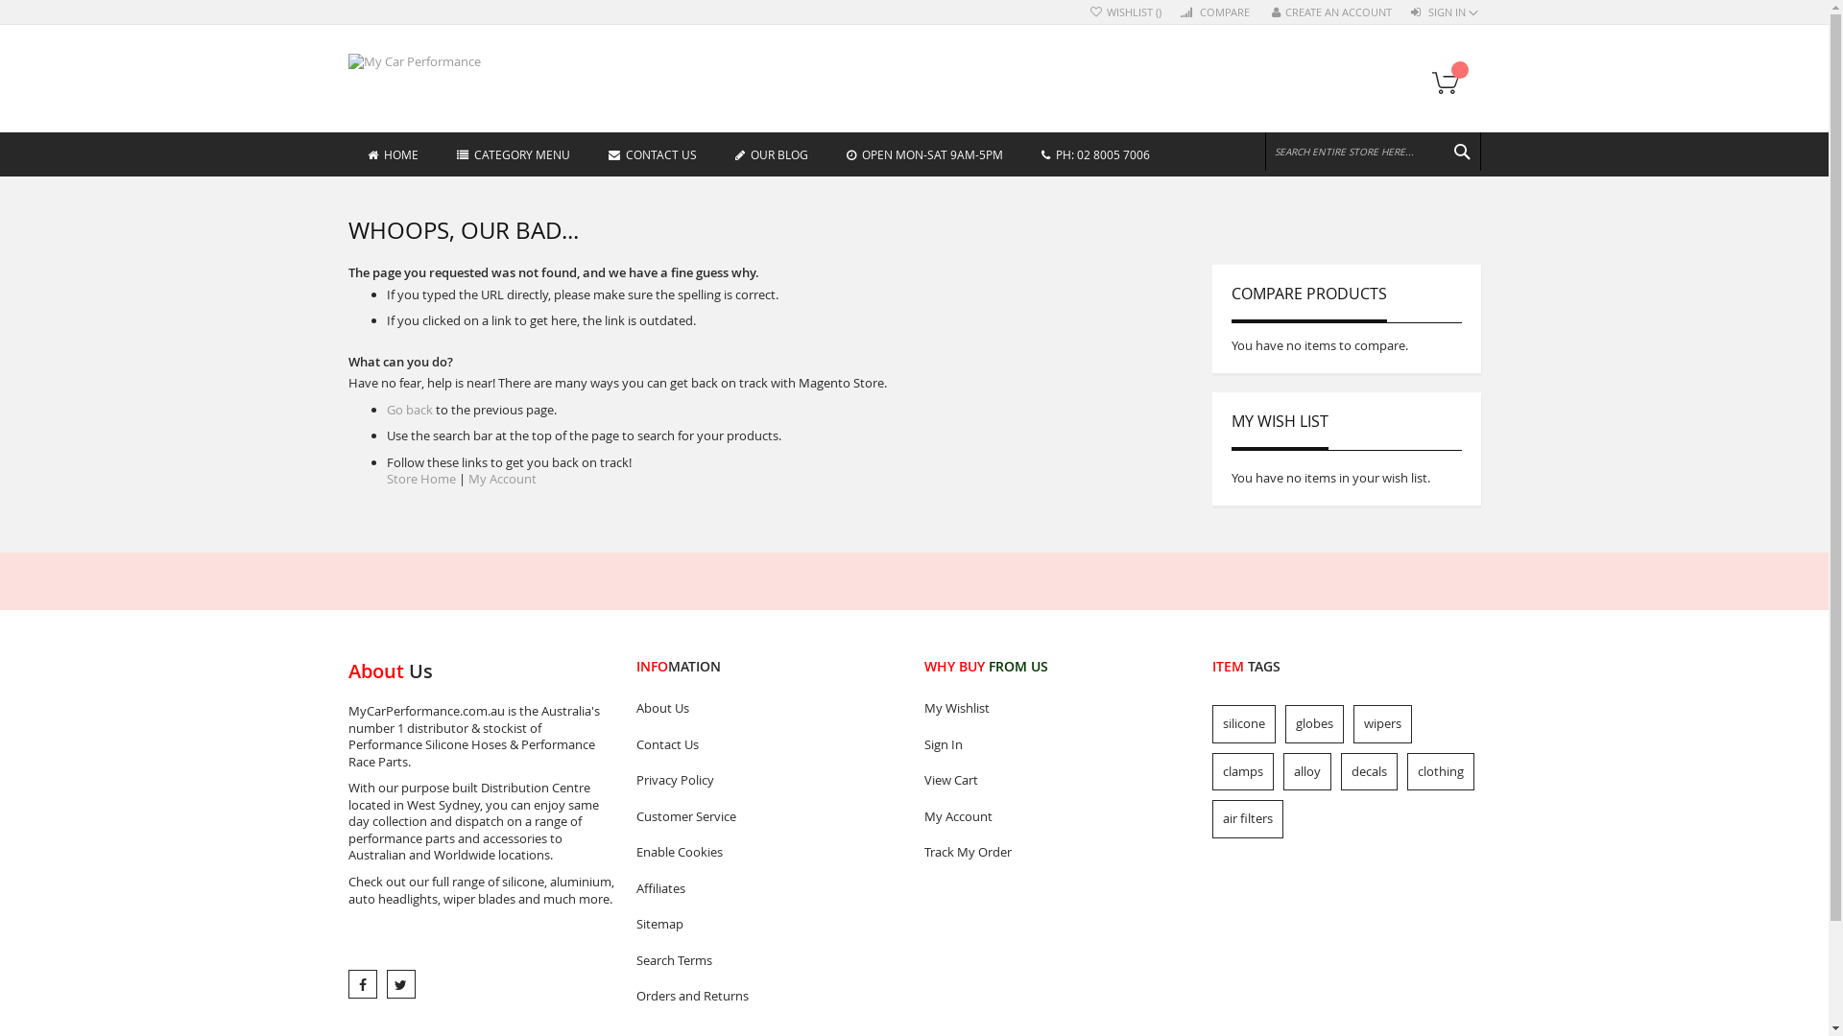  I want to click on 'Contact Us', so click(635, 743).